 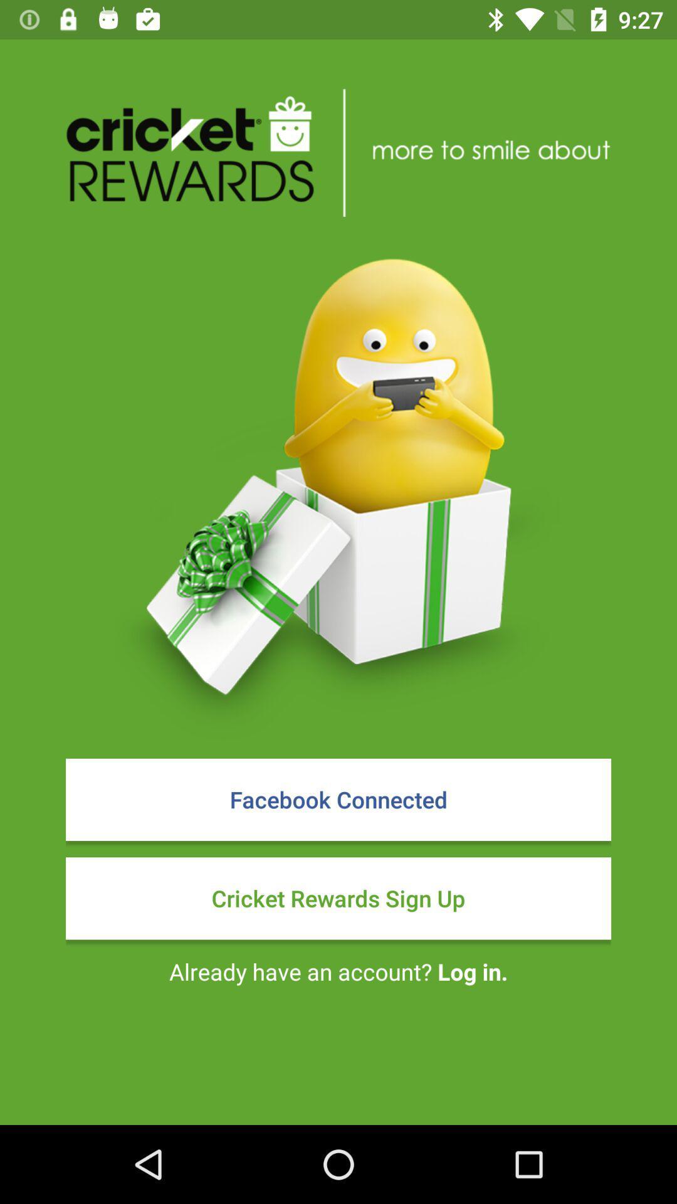 What do you see at coordinates (338, 897) in the screenshot?
I see `the cricket rewards sign` at bounding box center [338, 897].